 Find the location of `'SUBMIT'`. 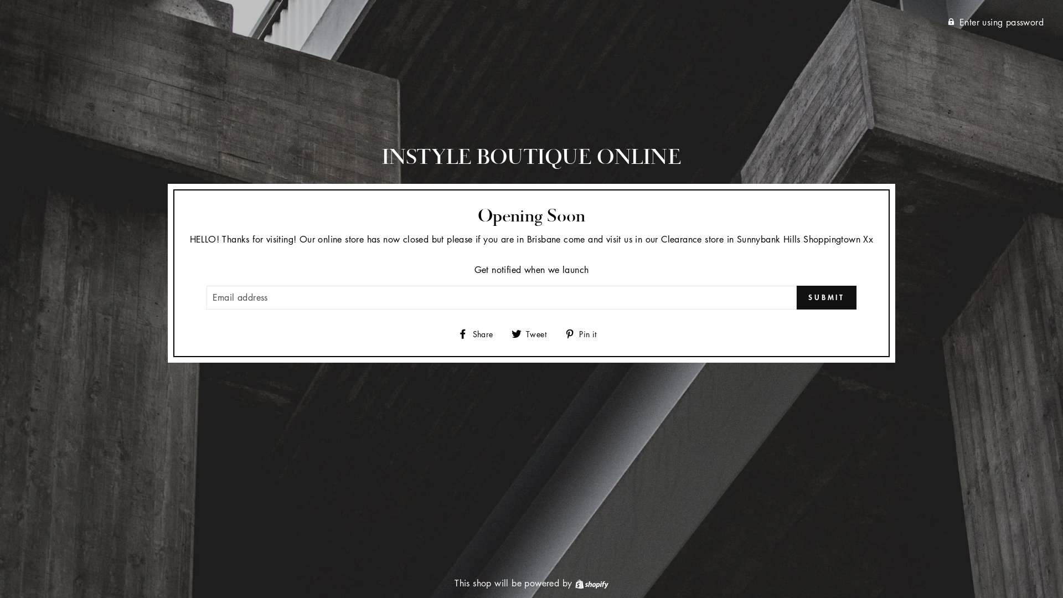

'SUBMIT' is located at coordinates (826, 297).